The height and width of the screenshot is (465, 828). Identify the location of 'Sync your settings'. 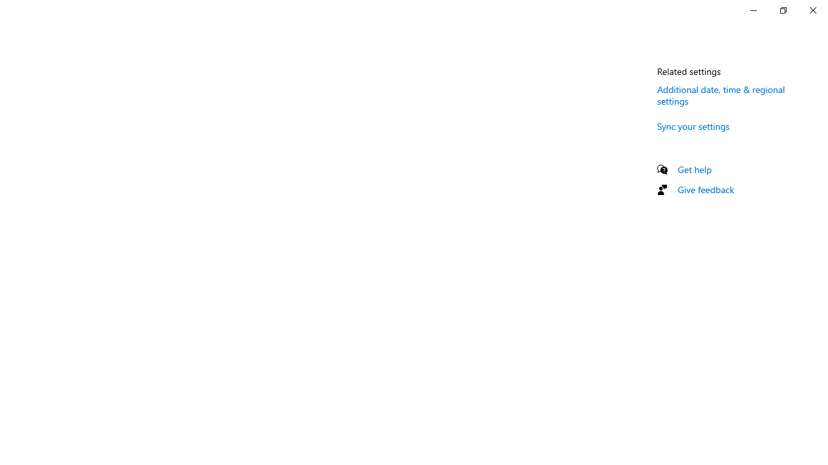
(693, 126).